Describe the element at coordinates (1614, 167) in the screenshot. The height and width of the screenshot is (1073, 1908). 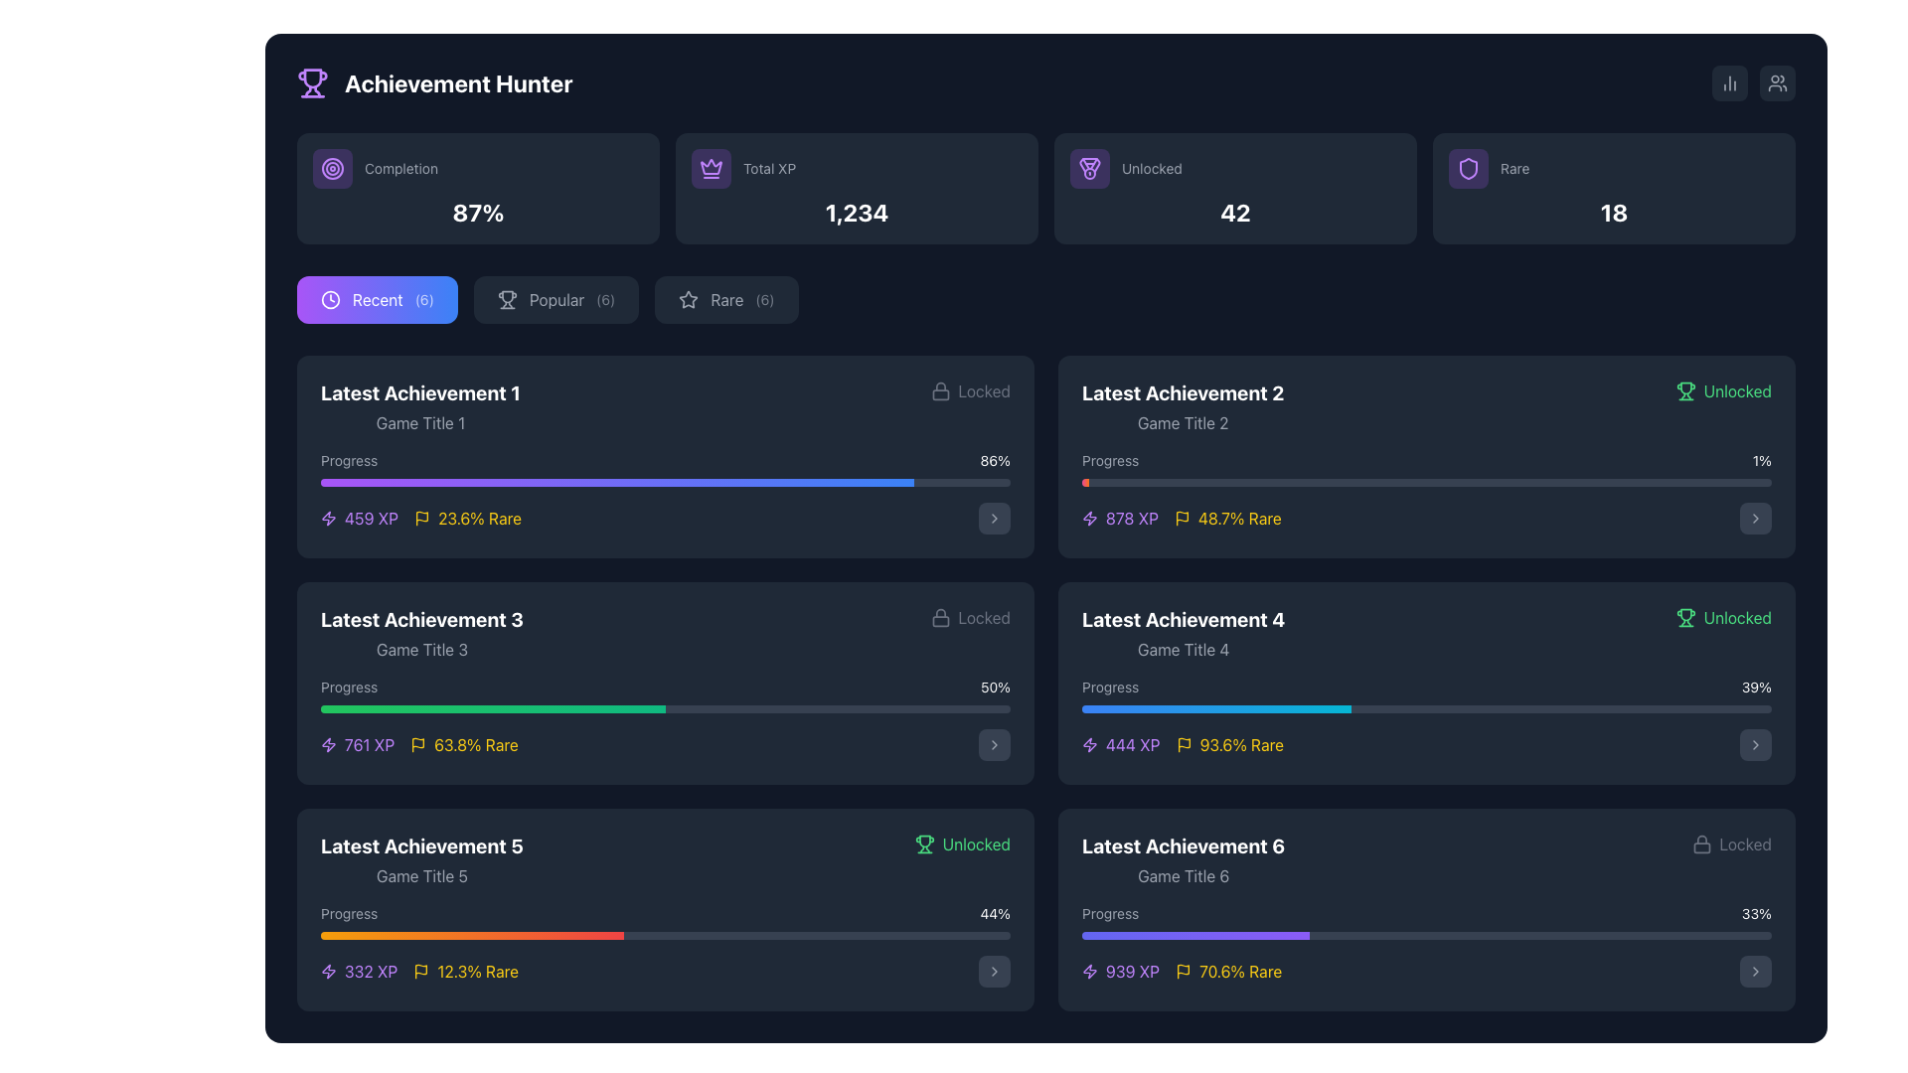
I see `the Text label displaying 'Rare' in light gray font, located in the upper-right section of the interface, adjacent to a purple shield icon` at that location.